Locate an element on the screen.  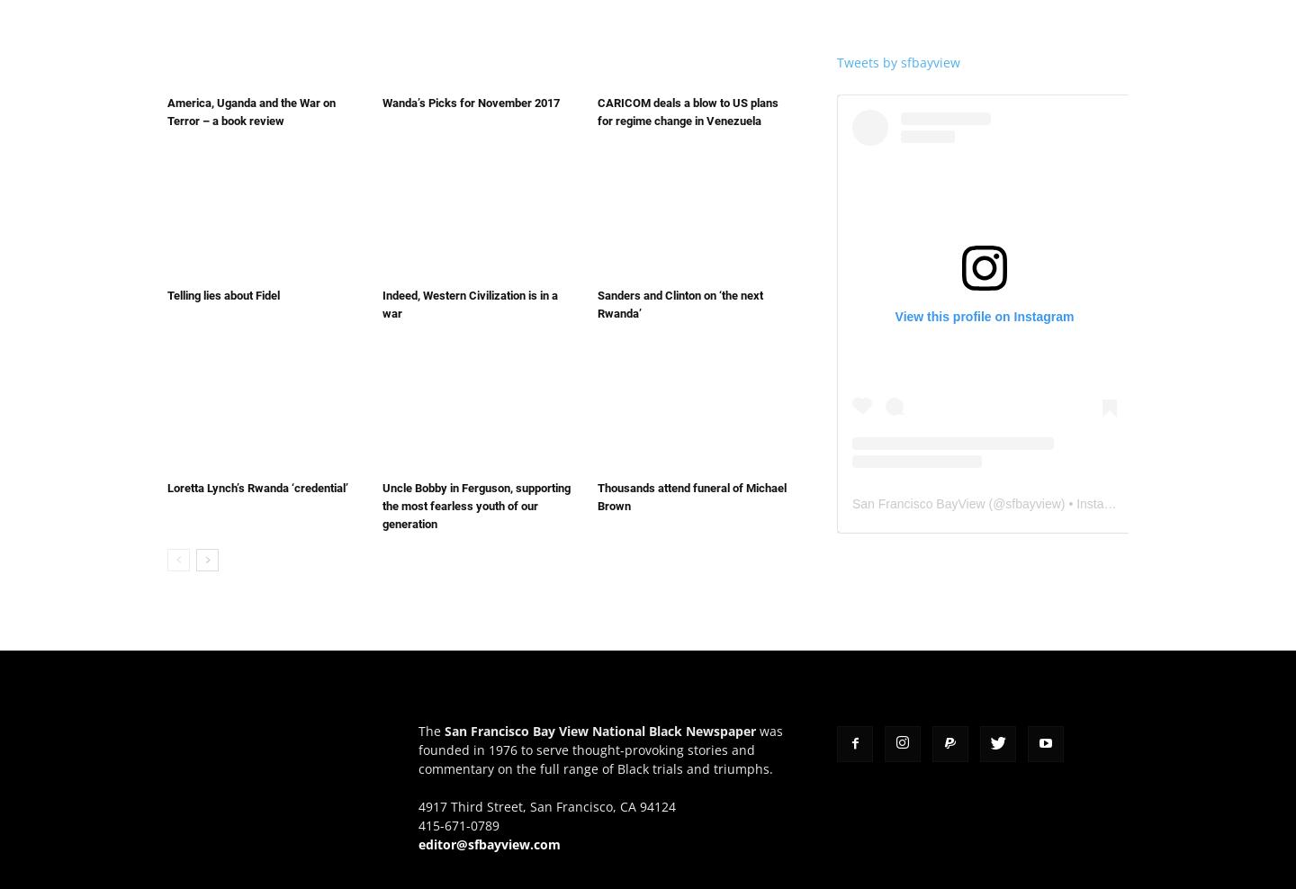
'San Francisco Bay View National Black Newspaper' is located at coordinates (600, 730).